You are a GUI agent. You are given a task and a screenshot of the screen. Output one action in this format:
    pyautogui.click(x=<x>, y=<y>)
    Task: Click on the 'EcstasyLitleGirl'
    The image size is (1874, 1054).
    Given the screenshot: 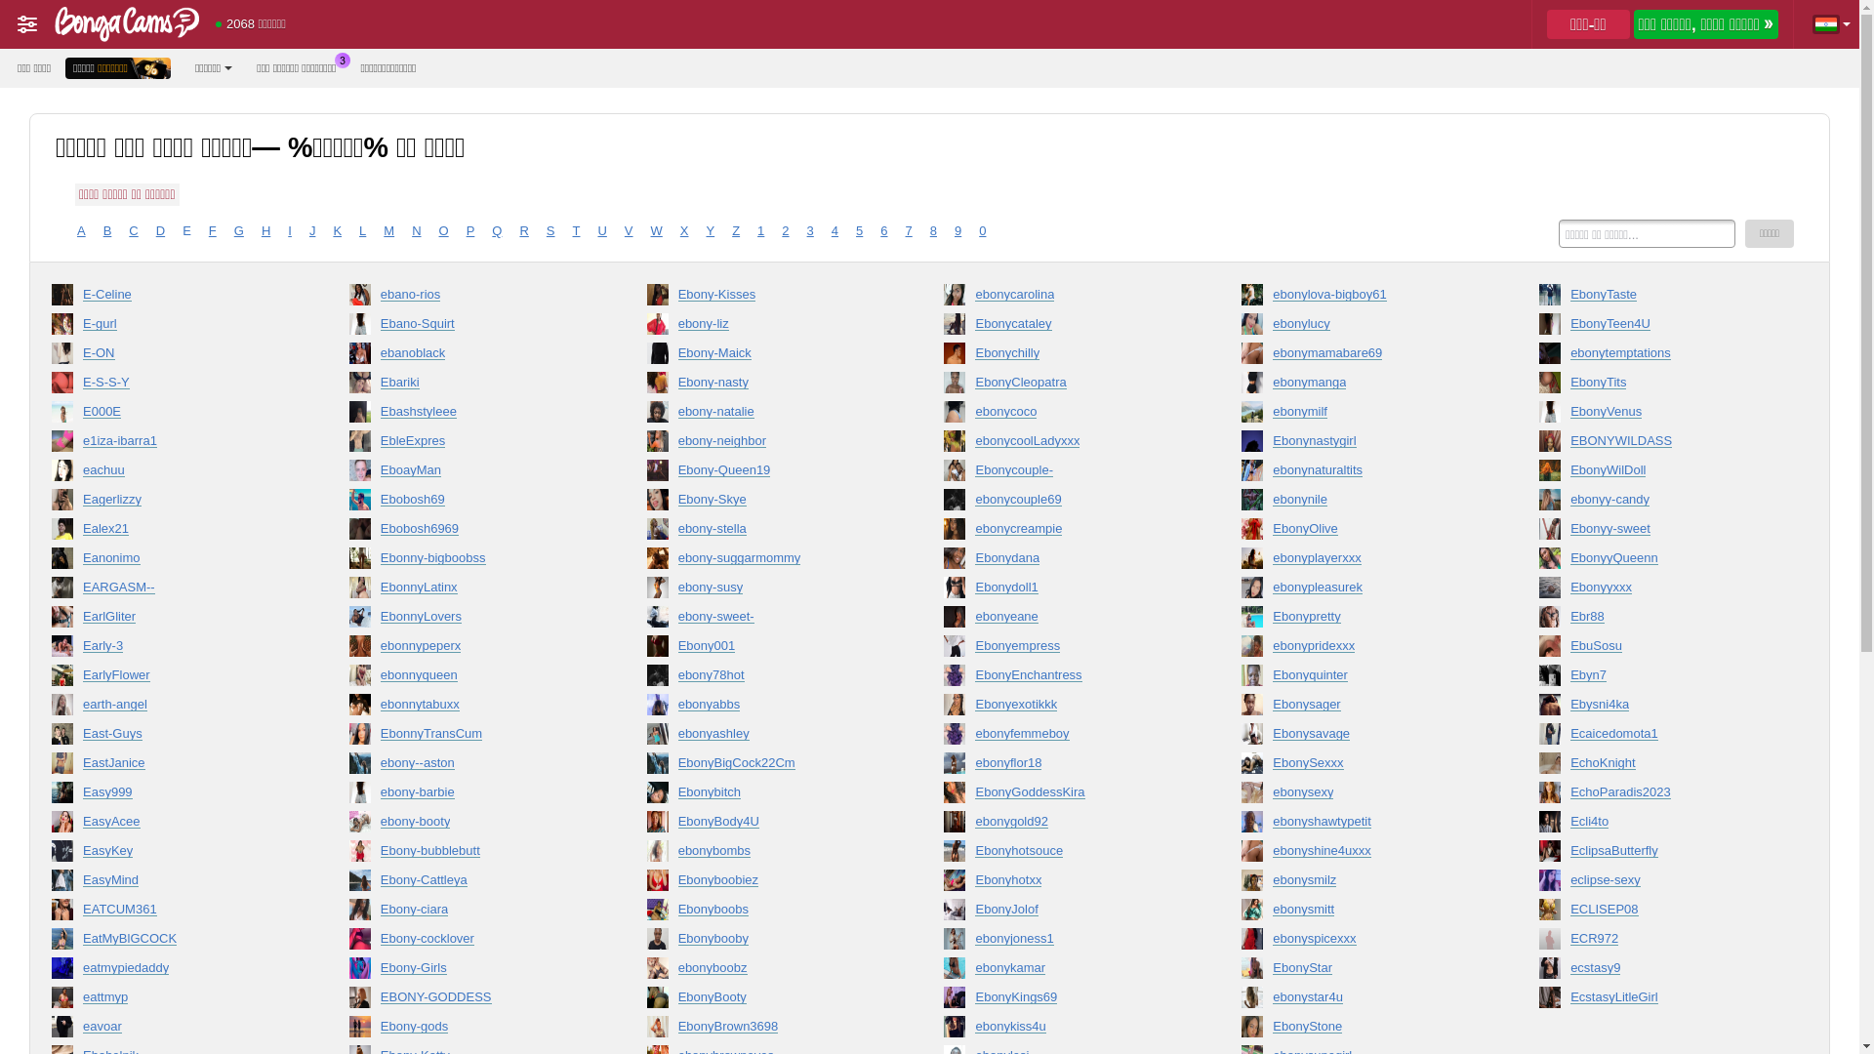 What is the action you would take?
    pyautogui.click(x=1538, y=1001)
    